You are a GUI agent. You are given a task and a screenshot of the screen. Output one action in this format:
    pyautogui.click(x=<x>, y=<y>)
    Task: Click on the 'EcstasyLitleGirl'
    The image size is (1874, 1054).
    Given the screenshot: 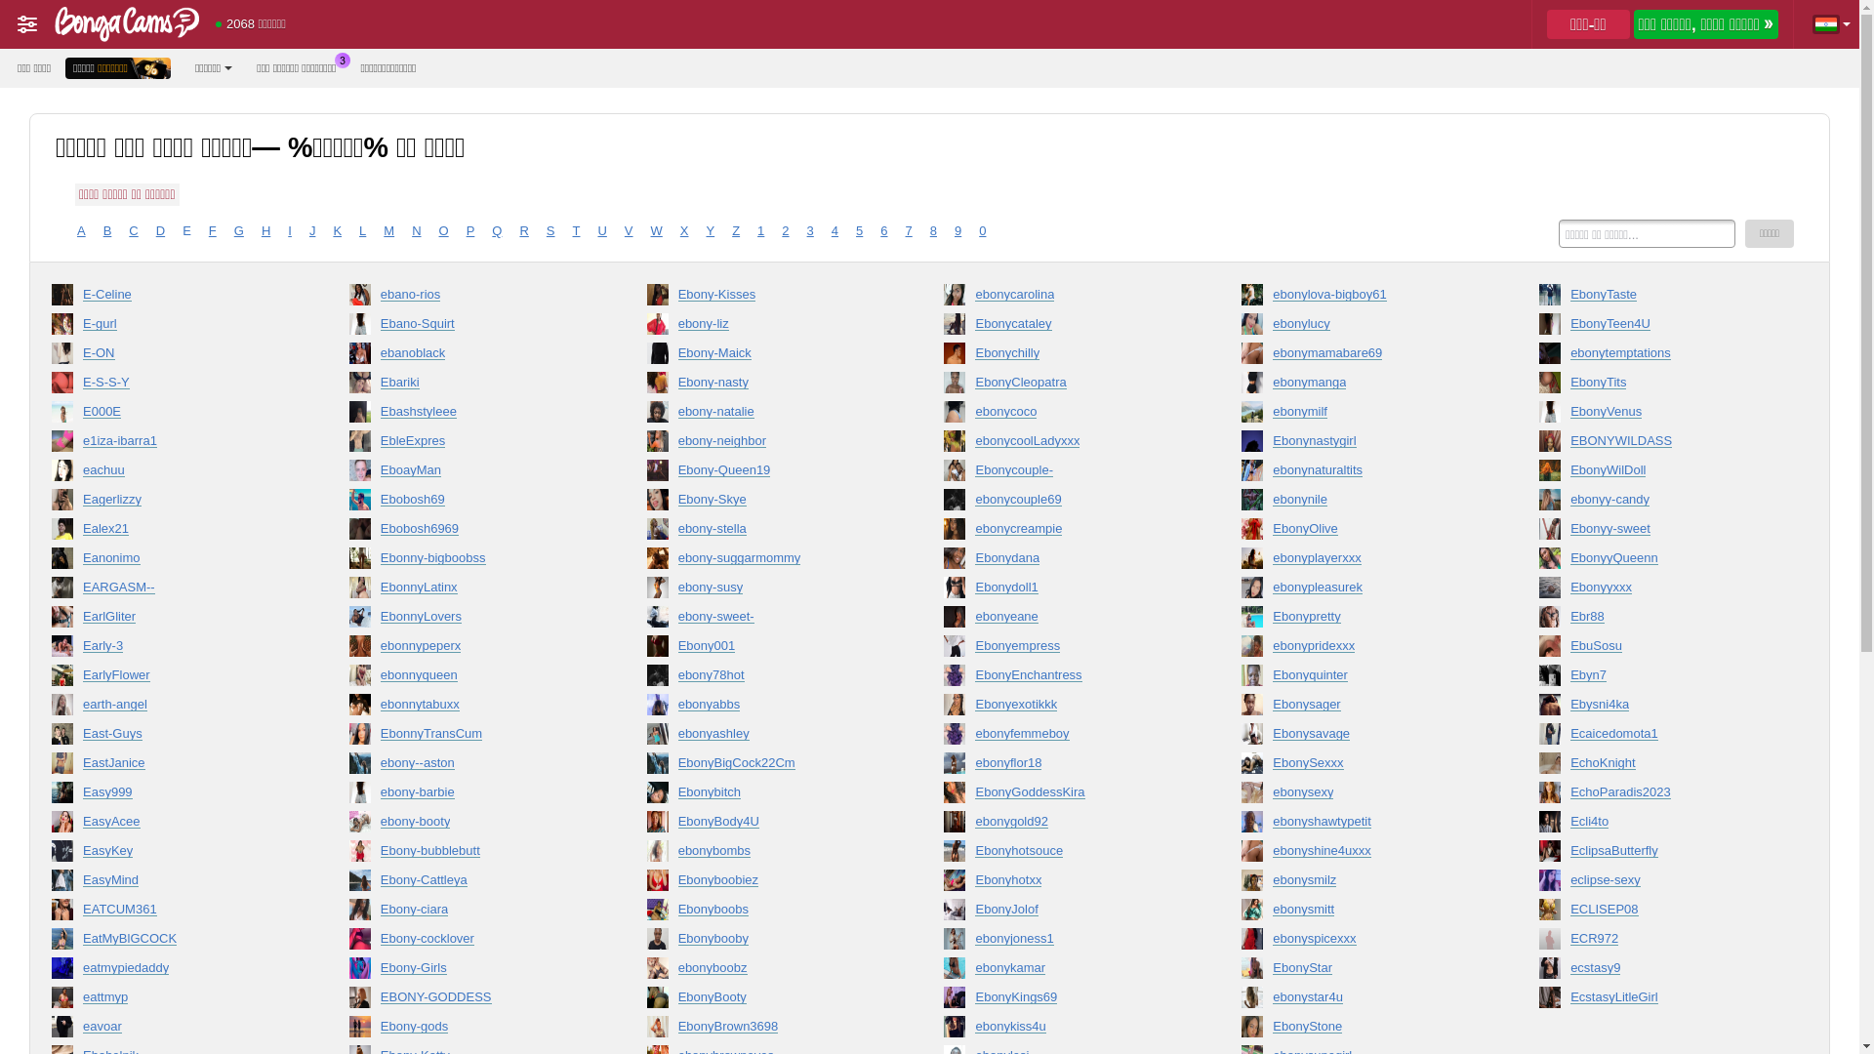 What is the action you would take?
    pyautogui.click(x=1538, y=1001)
    